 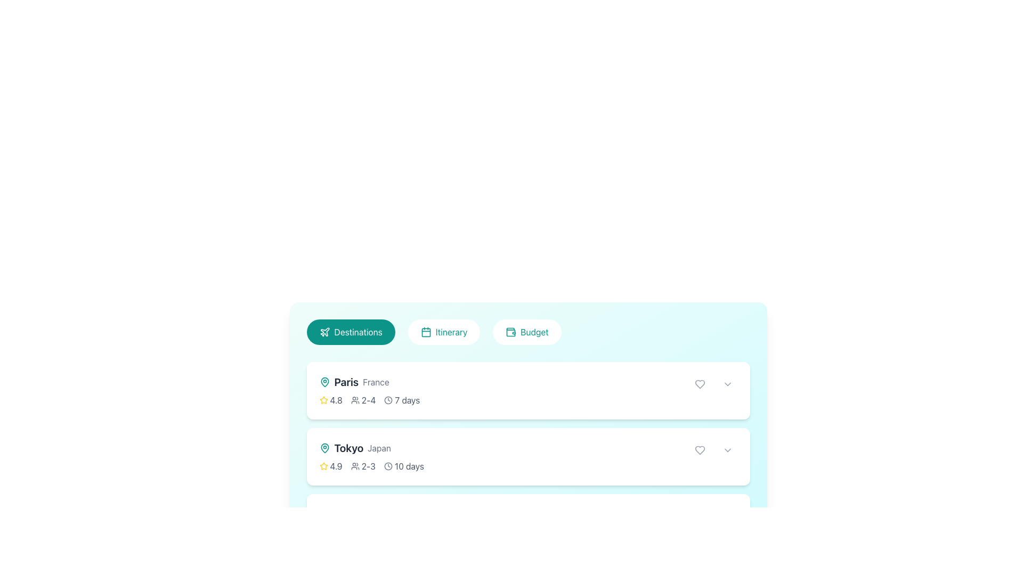 I want to click on displayed information from the composite UI component showing the text '2-4' and the user icon, located in the middle section of the upper card between the star rating and time duration indicator, so click(x=363, y=400).